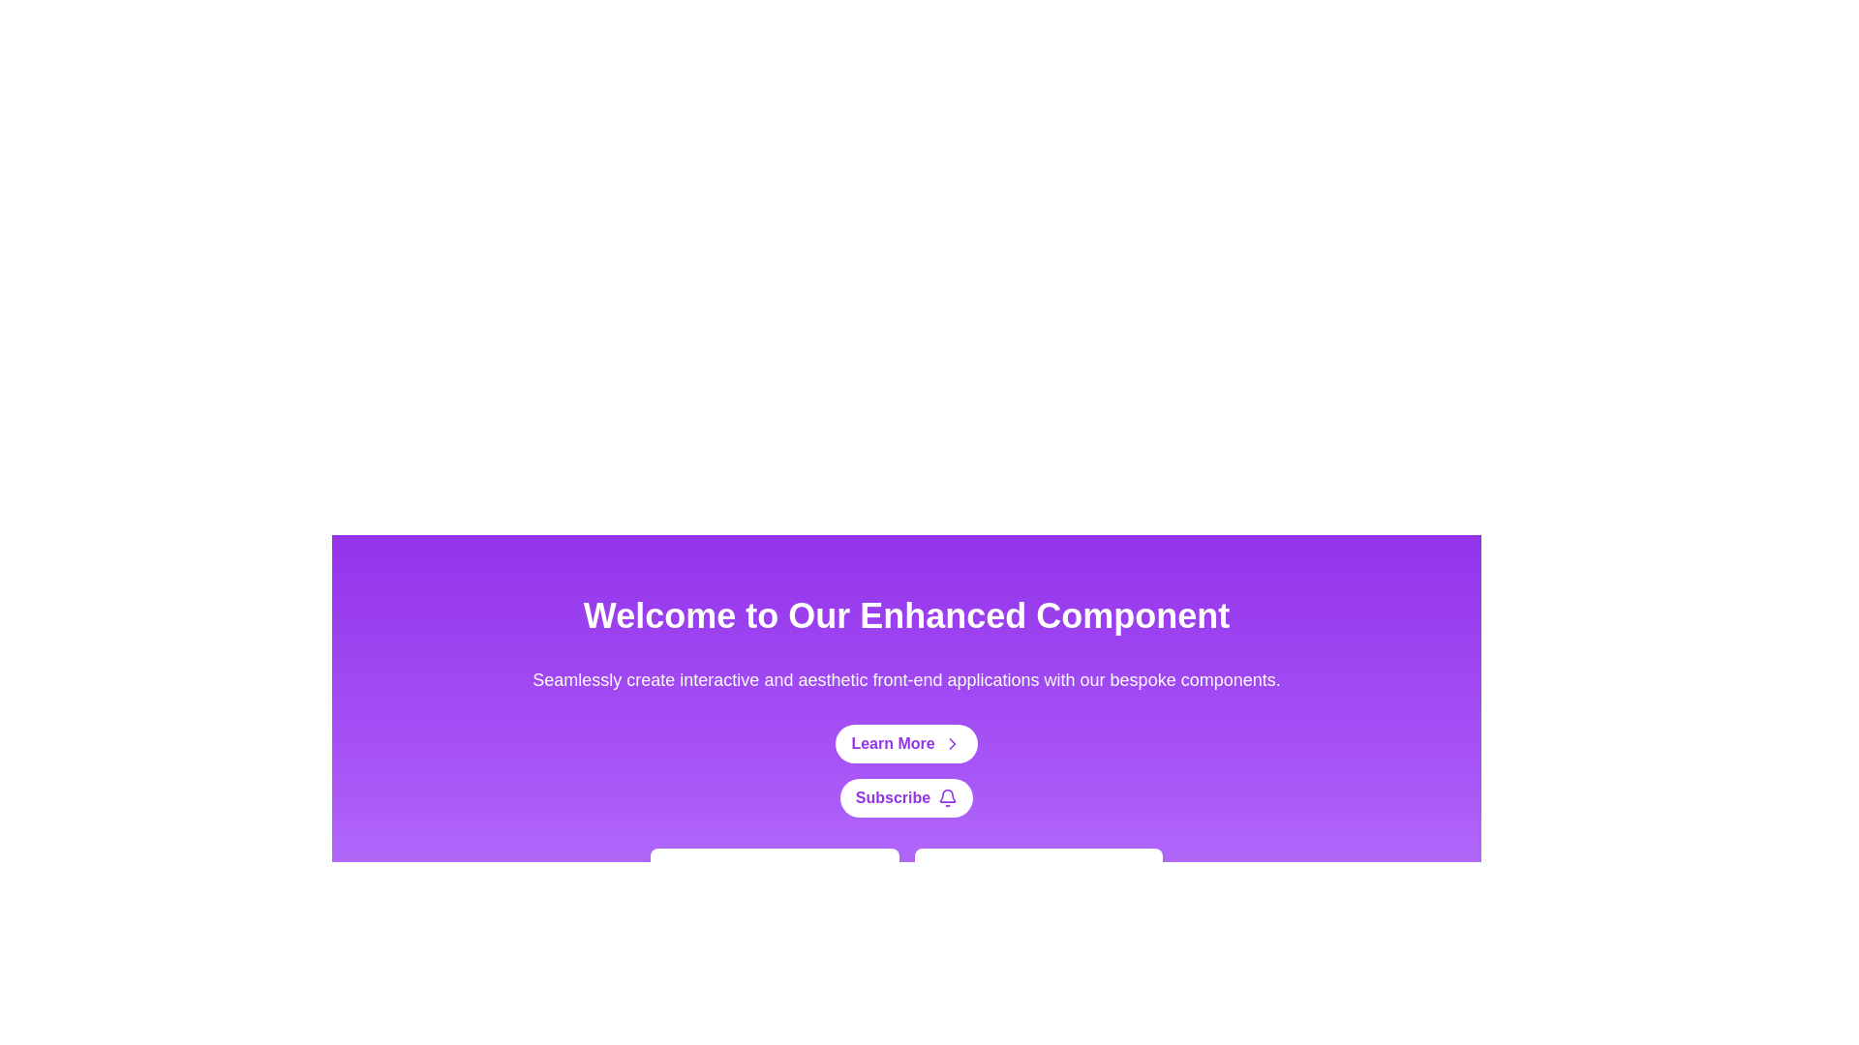 This screenshot has width=1859, height=1045. Describe the element at coordinates (948, 798) in the screenshot. I see `the notification icon located to the left of the 'Subscribe' button text, which is situated below the 'Learn More' button` at that location.